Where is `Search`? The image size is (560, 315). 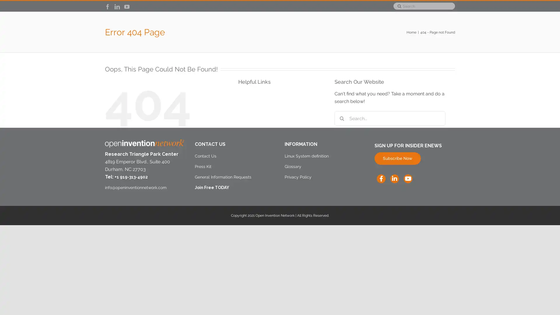 Search is located at coordinates (397, 6).